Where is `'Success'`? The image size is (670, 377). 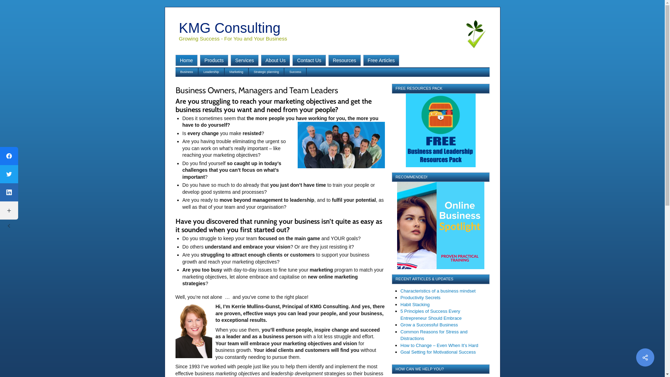 'Success' is located at coordinates (284, 72).